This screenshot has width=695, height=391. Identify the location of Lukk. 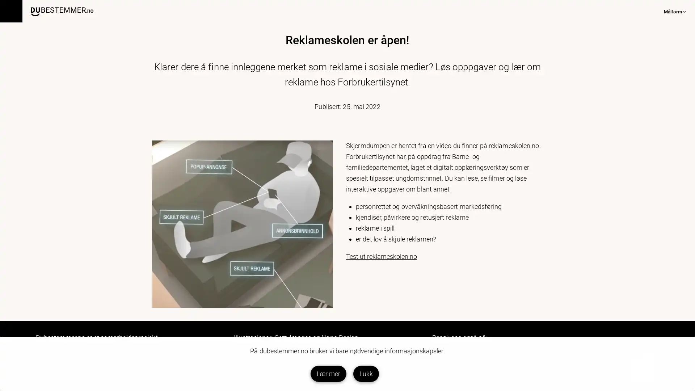
(366, 374).